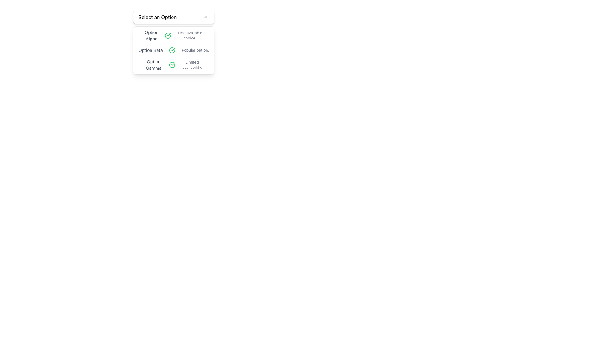  What do you see at coordinates (154, 65) in the screenshot?
I see `the text 'Option Gamma' in the dropdown selection menu` at bounding box center [154, 65].